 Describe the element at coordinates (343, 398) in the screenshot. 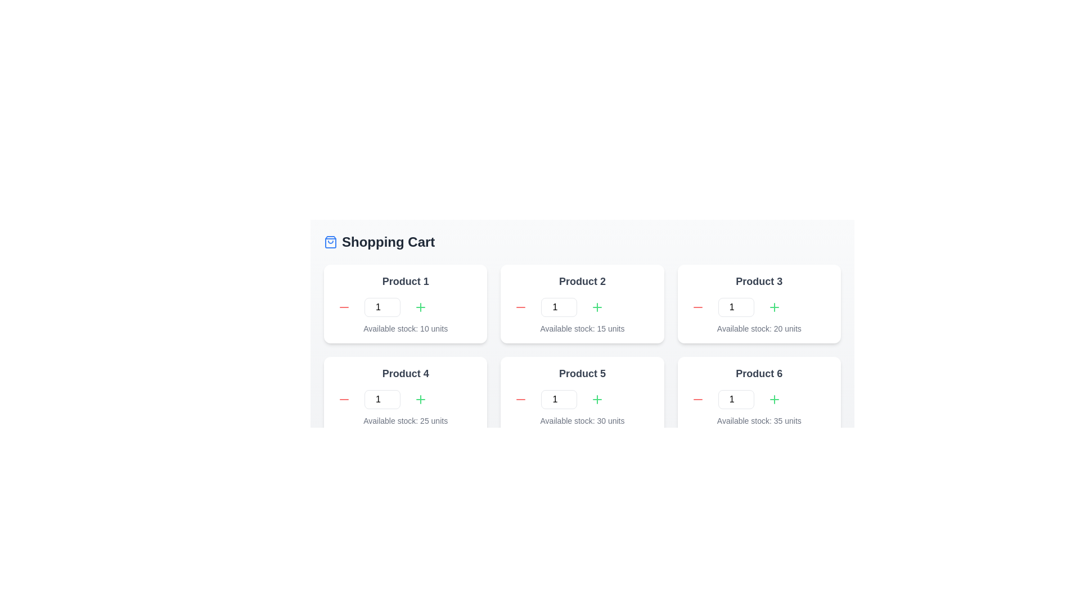

I see `the button that decreases the numerical value displayed in the adjacent input field, which is the first item on the left in a horizontal layout` at that location.